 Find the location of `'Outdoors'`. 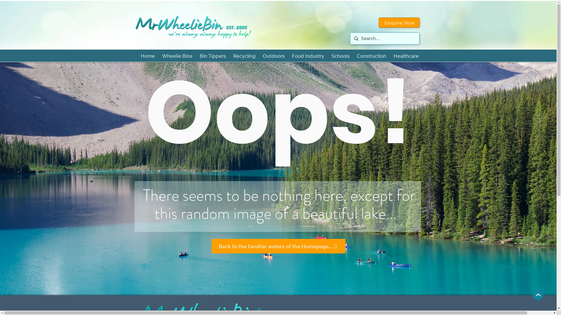

'Outdoors' is located at coordinates (273, 56).